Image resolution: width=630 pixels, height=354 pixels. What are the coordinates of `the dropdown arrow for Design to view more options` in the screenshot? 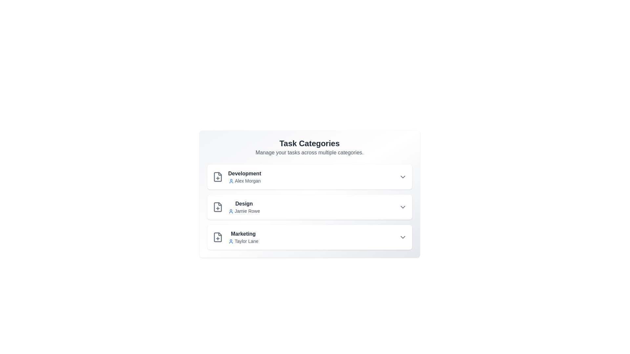 It's located at (402, 207).